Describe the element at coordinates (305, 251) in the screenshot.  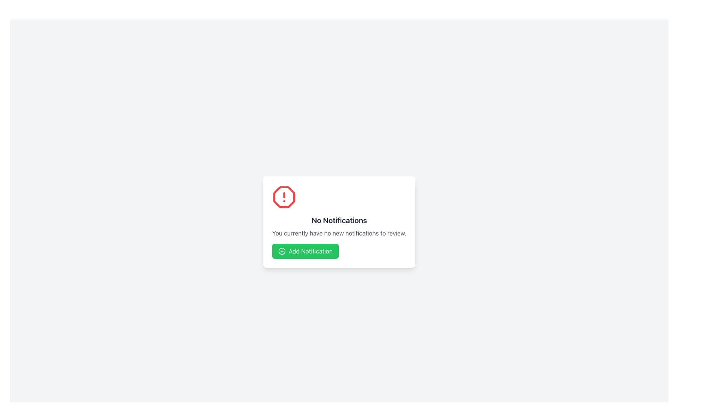
I see `the 'Add Notification' button located at the bottom of the white card component to change its color` at that location.